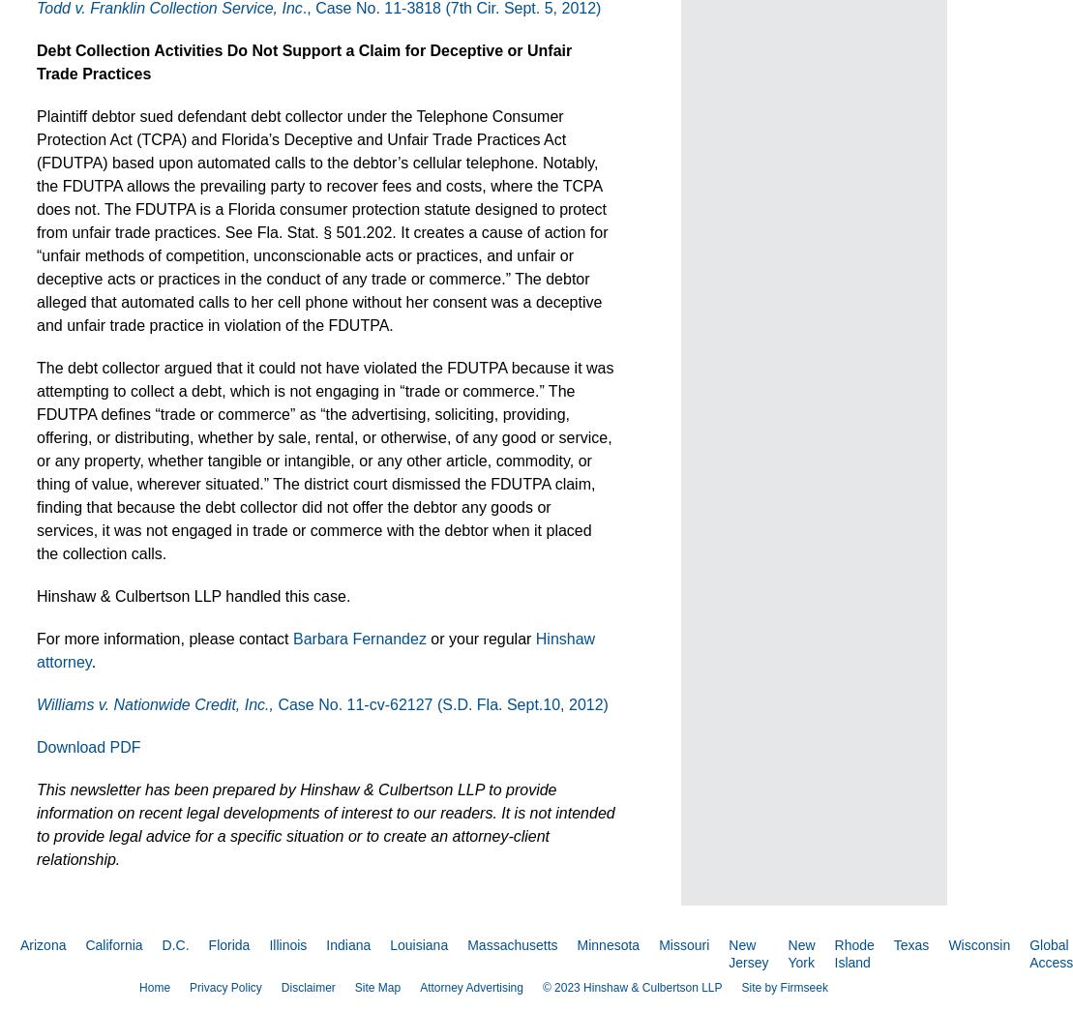 This screenshot has width=1073, height=1012. What do you see at coordinates (37, 7) in the screenshot?
I see `'Todd v. Franklin Collection Service, Inc'` at bounding box center [37, 7].